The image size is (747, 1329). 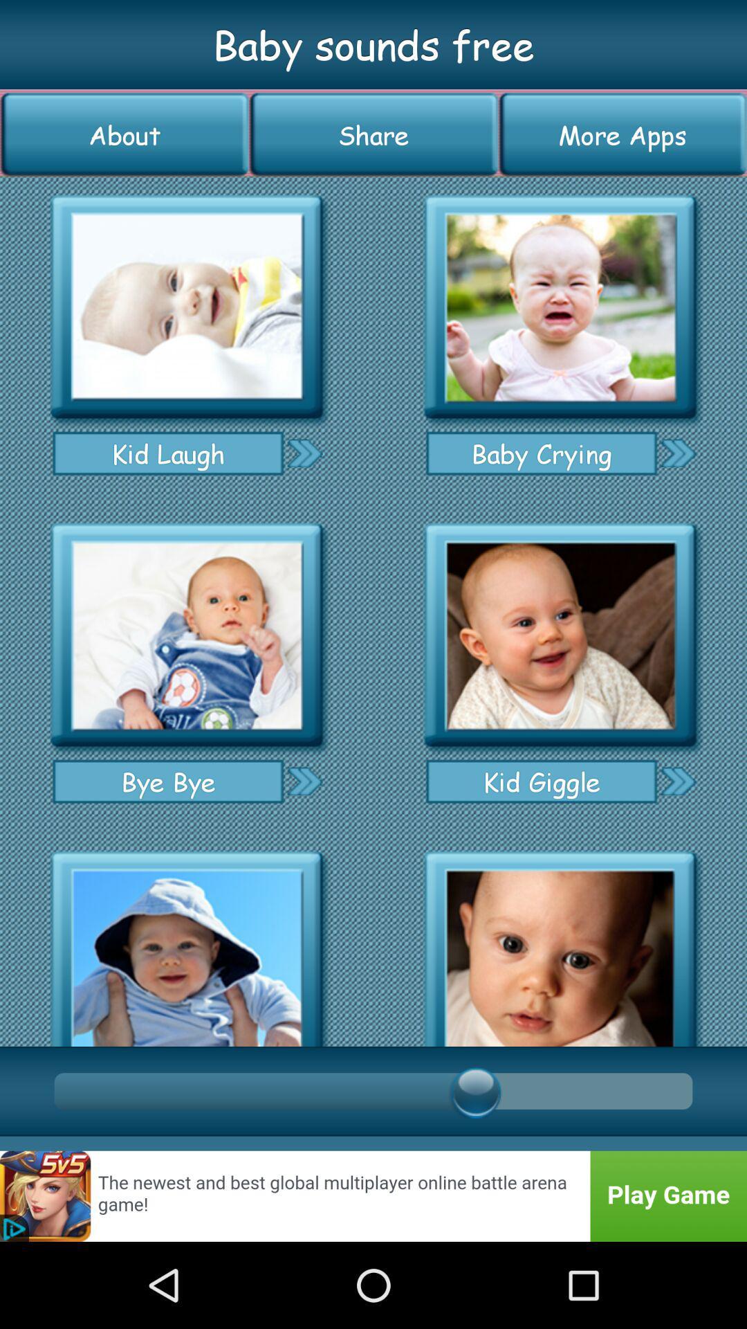 What do you see at coordinates (677, 781) in the screenshot?
I see `the next` at bounding box center [677, 781].